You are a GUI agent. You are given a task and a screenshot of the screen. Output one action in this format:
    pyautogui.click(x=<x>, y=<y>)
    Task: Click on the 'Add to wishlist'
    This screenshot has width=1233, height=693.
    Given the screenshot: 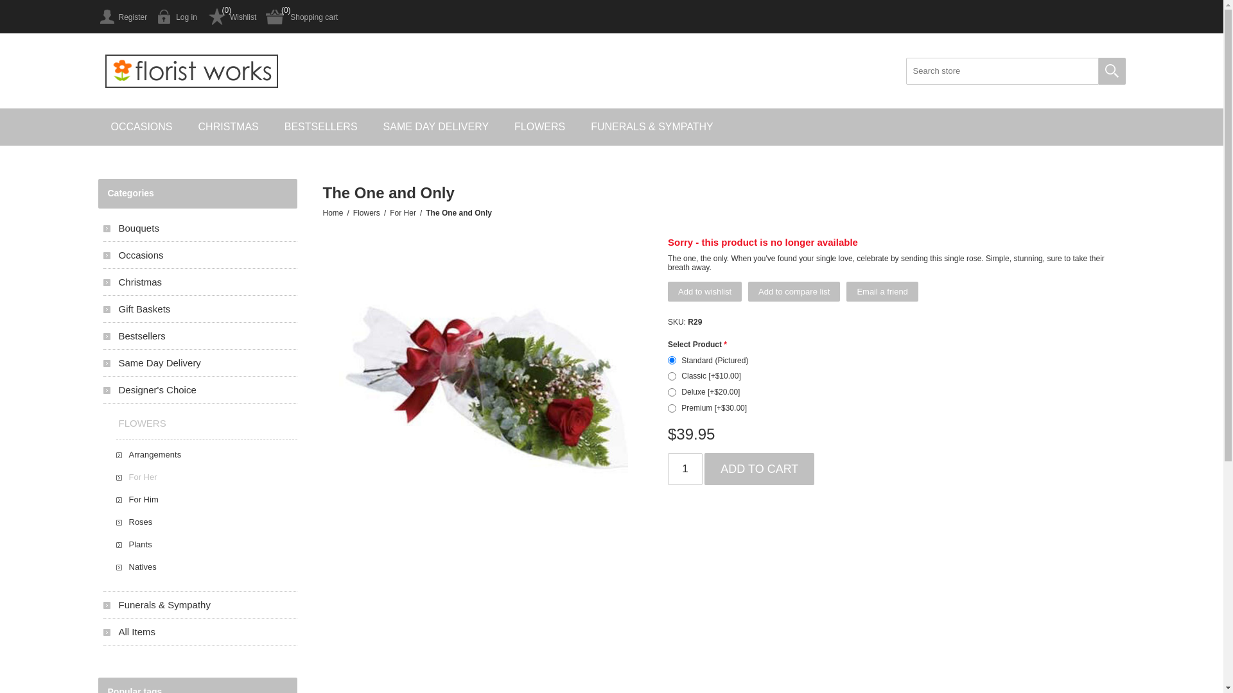 What is the action you would take?
    pyautogui.click(x=704, y=291)
    